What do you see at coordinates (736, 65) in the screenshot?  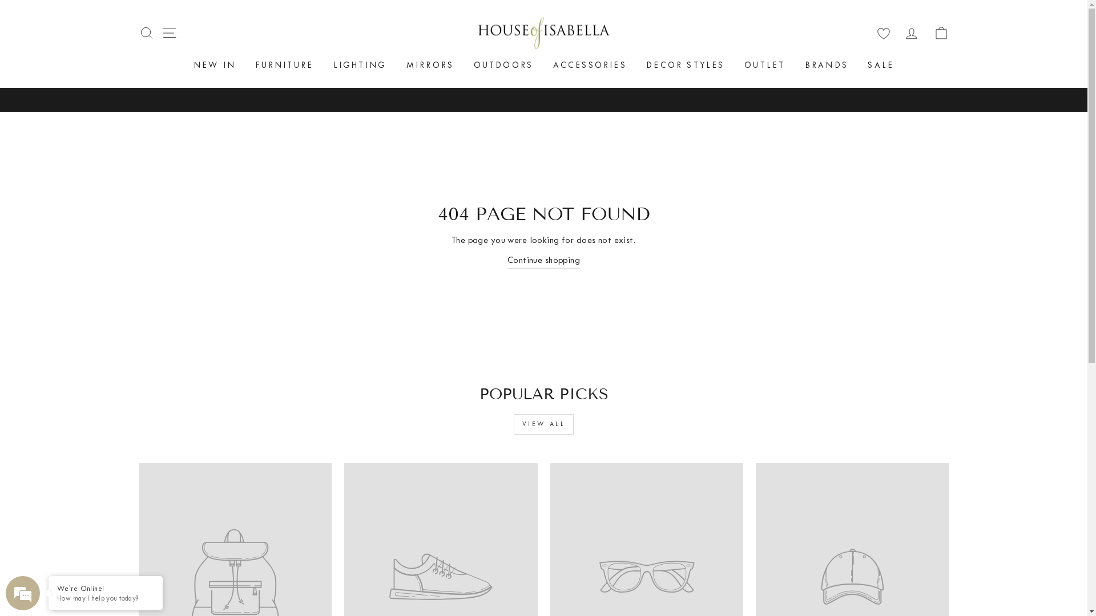 I see `'OUTLET'` at bounding box center [736, 65].